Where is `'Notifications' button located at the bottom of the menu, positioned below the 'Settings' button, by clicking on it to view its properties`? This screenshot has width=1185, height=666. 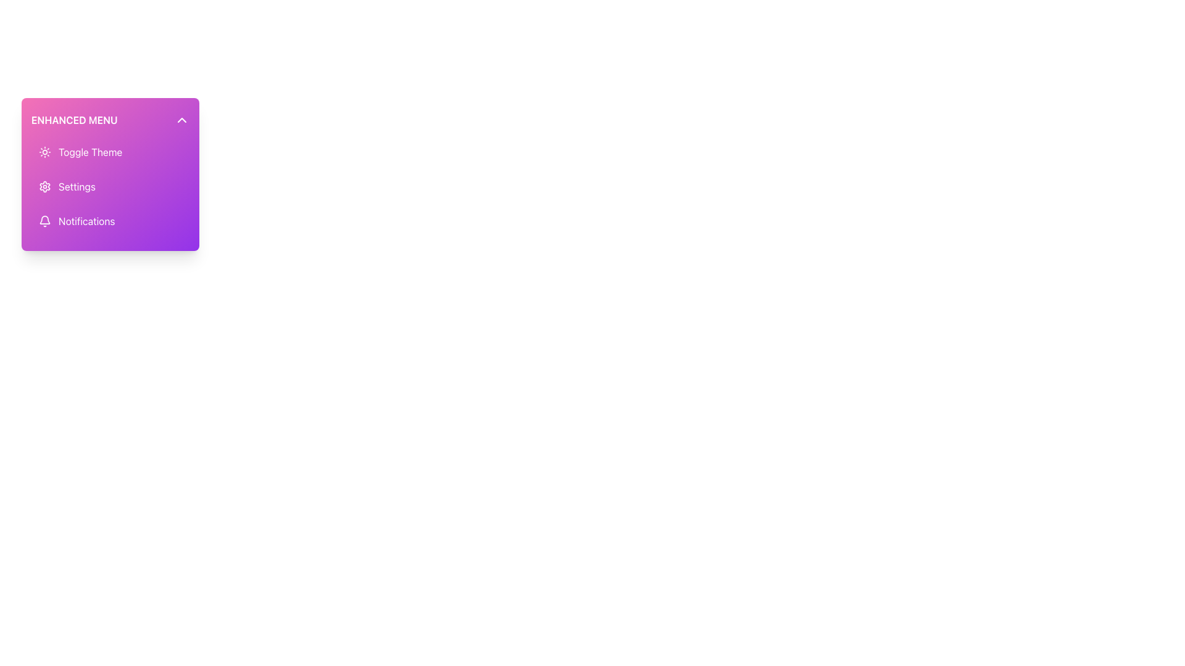
'Notifications' button located at the bottom of the menu, positioned below the 'Settings' button, by clicking on it to view its properties is located at coordinates (110, 220).